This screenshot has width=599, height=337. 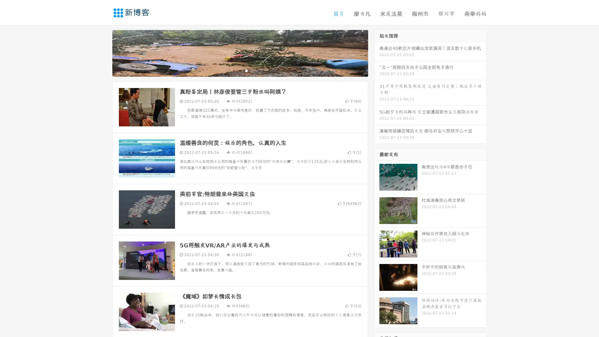 I want to click on Go to slide 1, so click(x=233, y=70).